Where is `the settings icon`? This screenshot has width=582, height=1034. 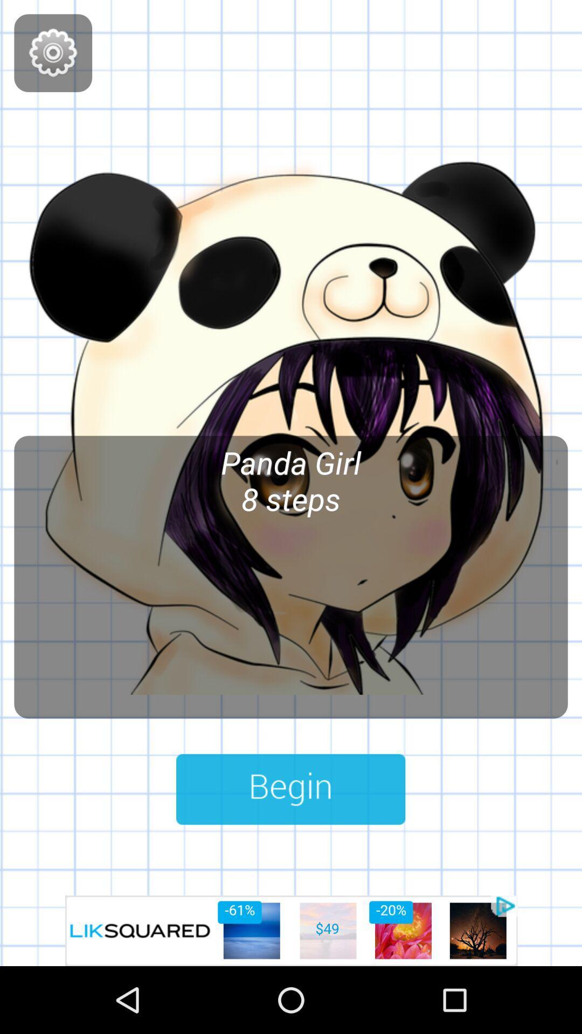
the settings icon is located at coordinates (53, 56).